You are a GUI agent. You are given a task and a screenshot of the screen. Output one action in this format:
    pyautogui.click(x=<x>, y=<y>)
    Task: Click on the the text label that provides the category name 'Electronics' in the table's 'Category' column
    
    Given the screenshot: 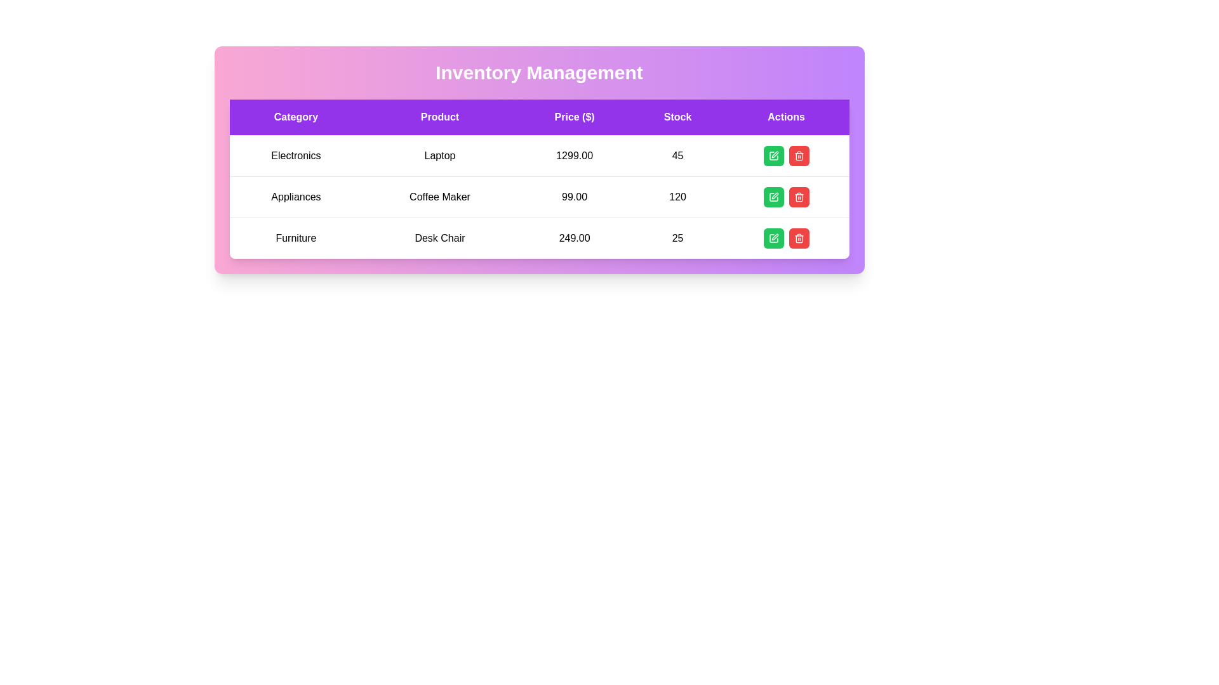 What is the action you would take?
    pyautogui.click(x=295, y=155)
    